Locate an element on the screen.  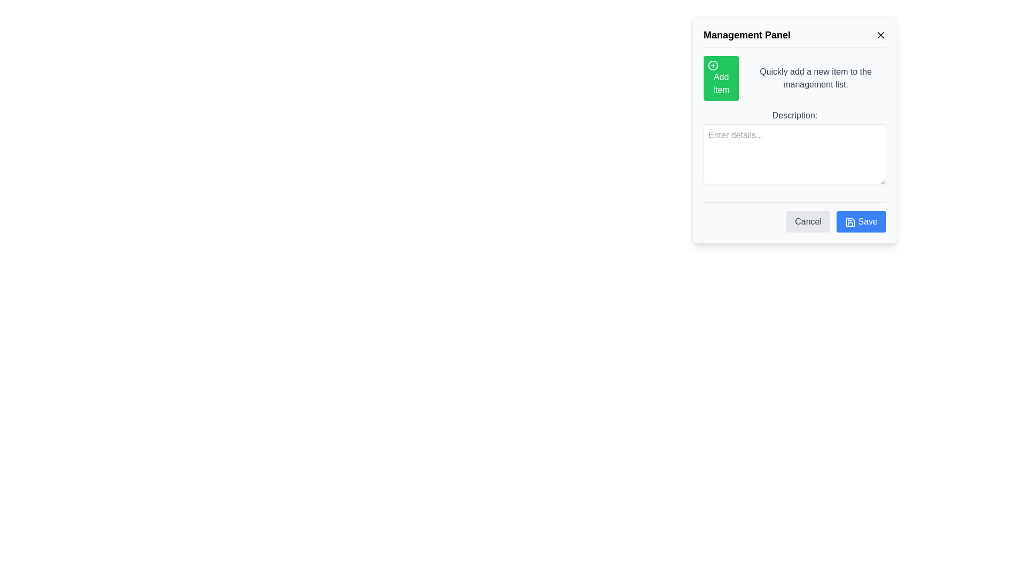
the 'Save' button, which is a rectangular button with rounded corners, blue background, and white text, located in the bottom-right corner of the modal interface is located at coordinates (861, 221).